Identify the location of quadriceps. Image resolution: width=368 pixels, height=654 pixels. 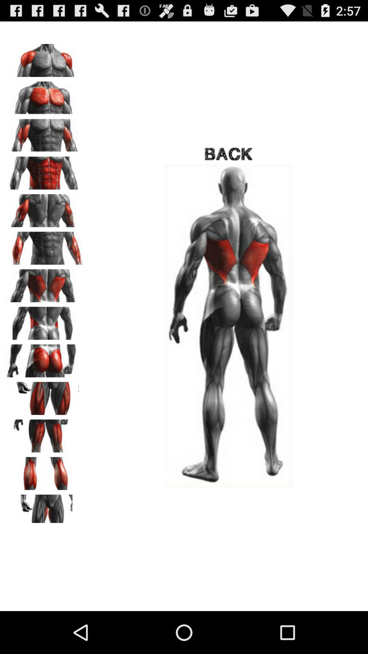
(45, 396).